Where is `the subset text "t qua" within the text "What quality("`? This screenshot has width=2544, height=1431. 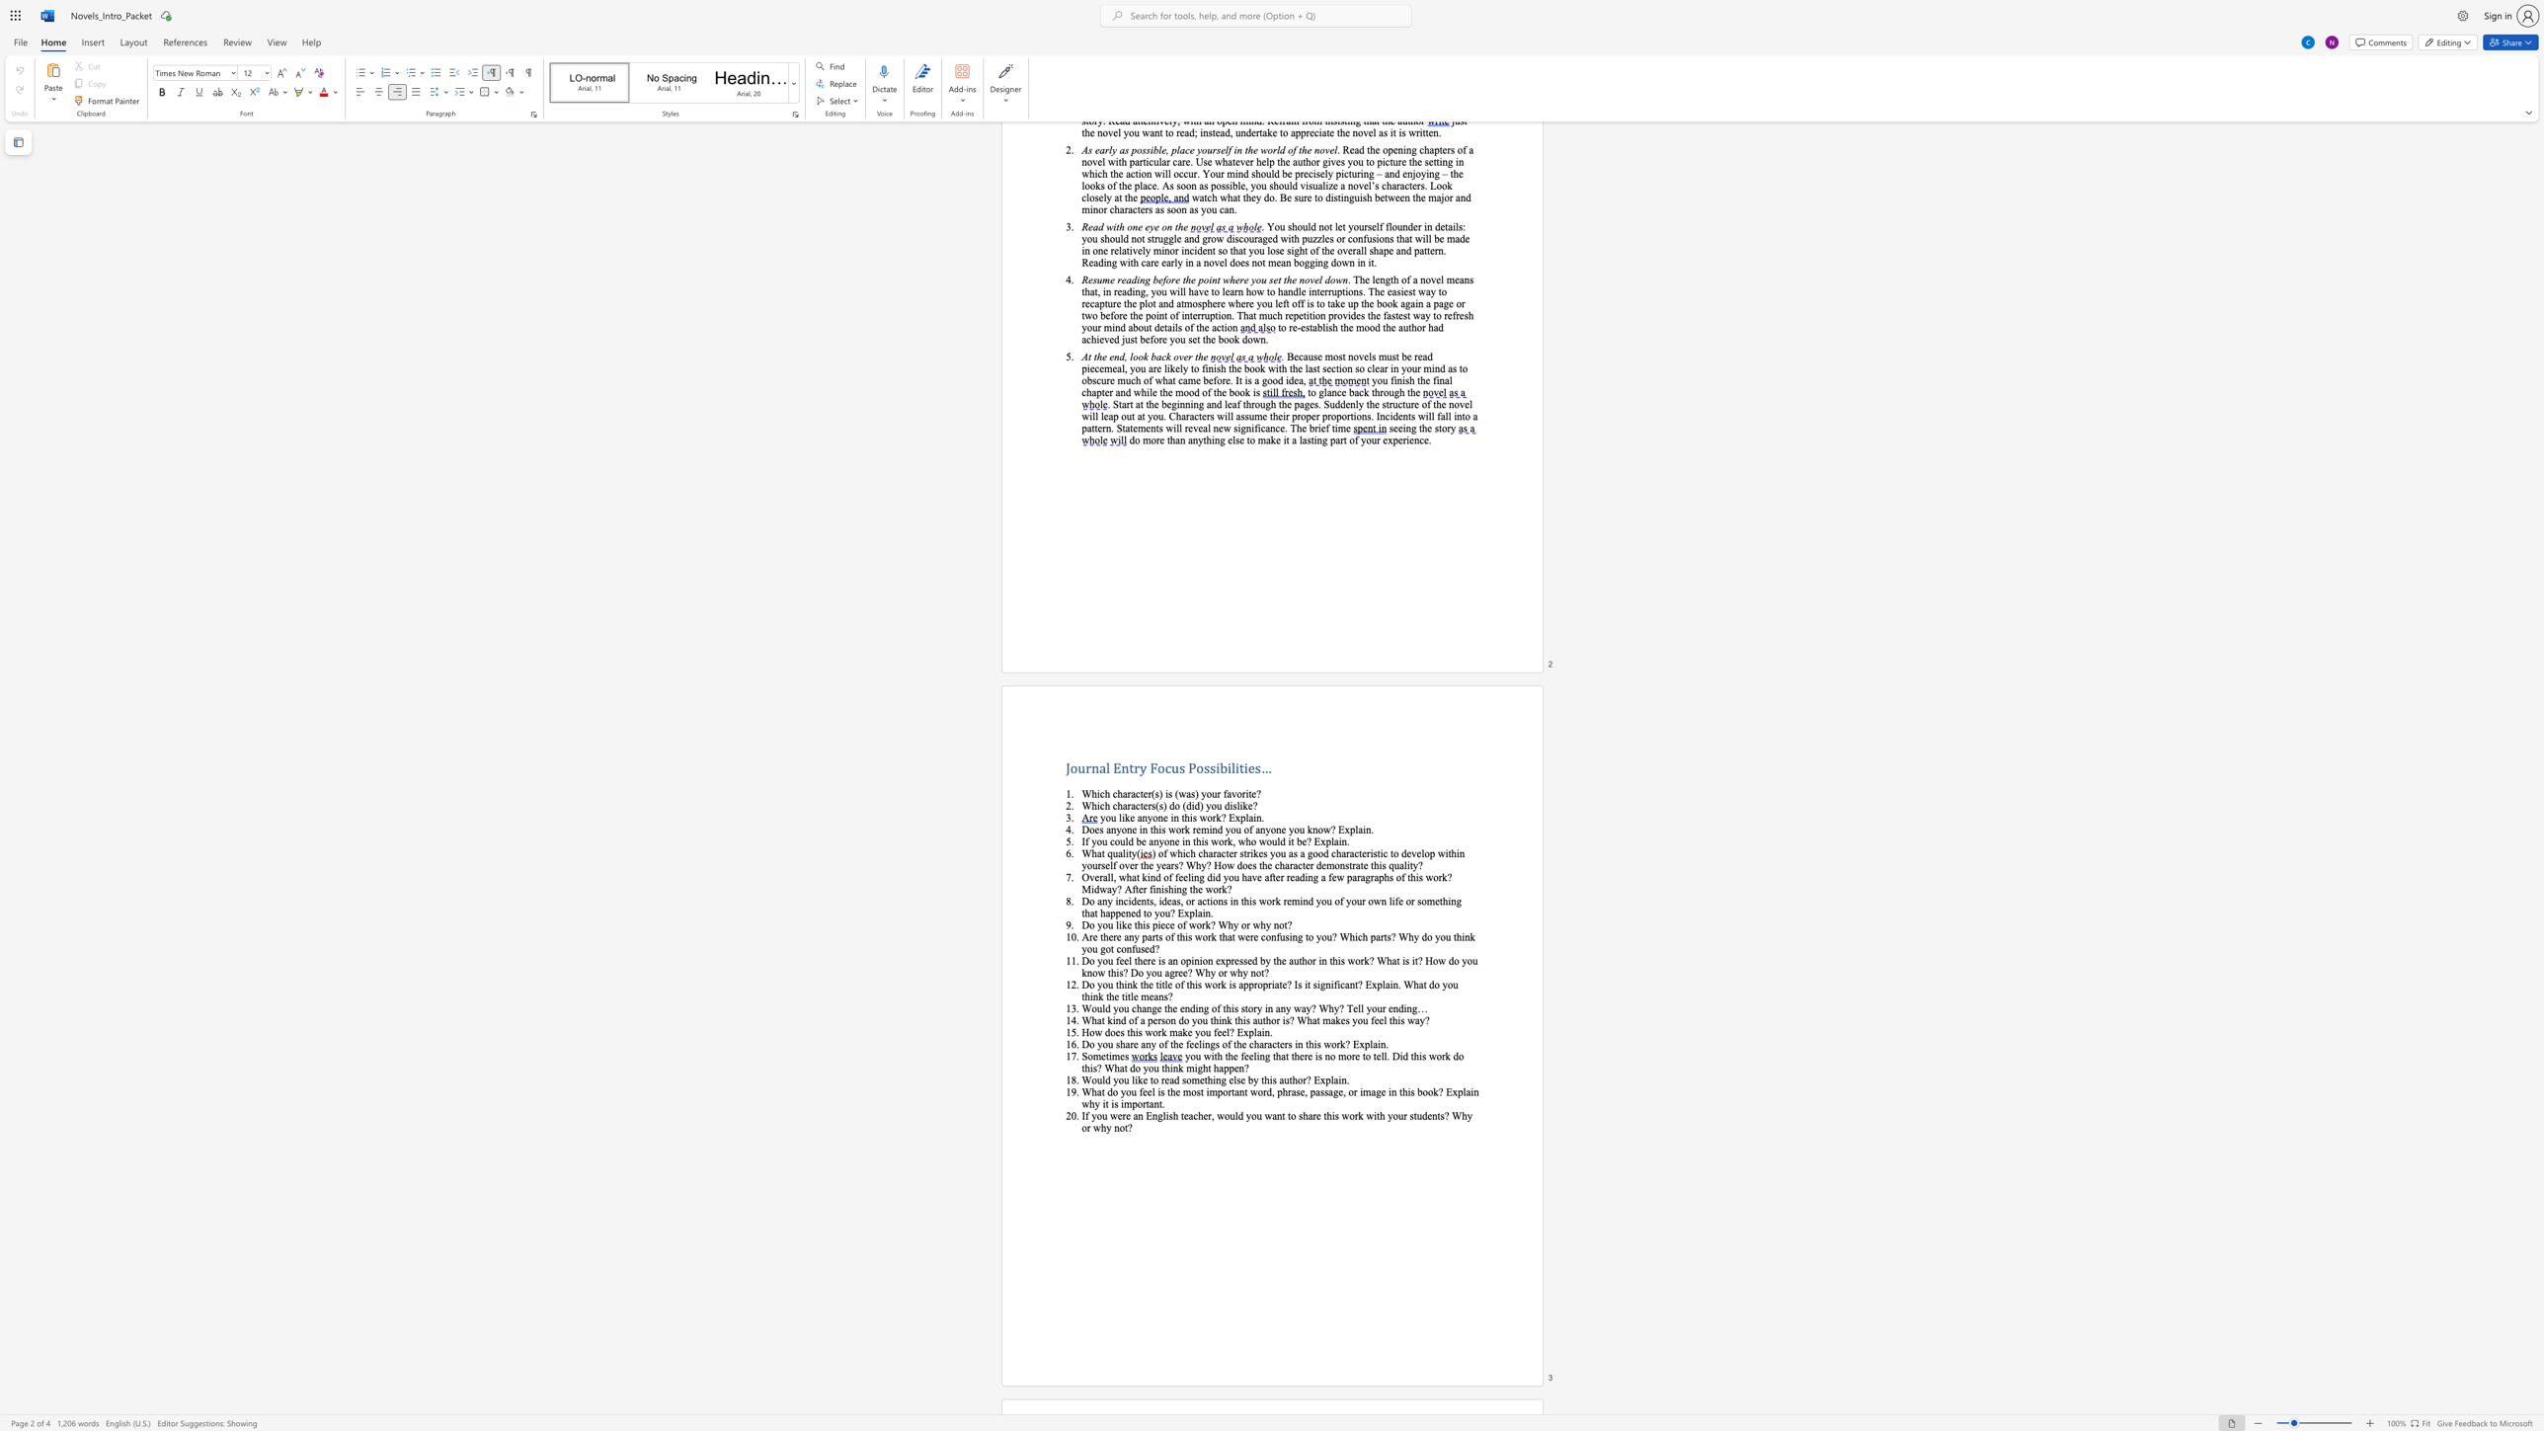 the subset text "t qua" within the text "What quality(" is located at coordinates (1101, 852).